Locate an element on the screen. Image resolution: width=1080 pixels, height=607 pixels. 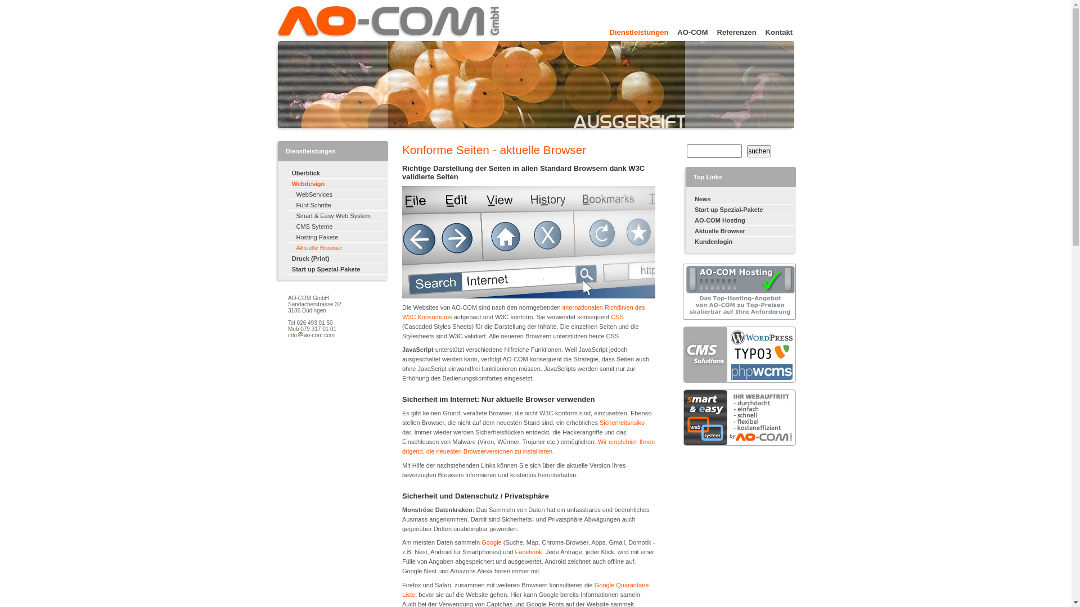
'Hosting Pakete' is located at coordinates (337, 237).